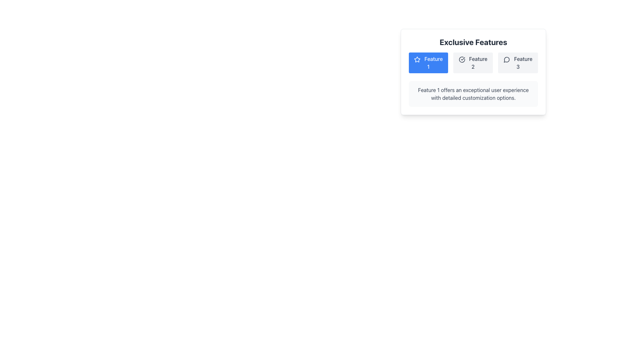  Describe the element at coordinates (518, 63) in the screenshot. I see `the button for 'Feature 3' located in the 'Exclusive Features' group` at that location.